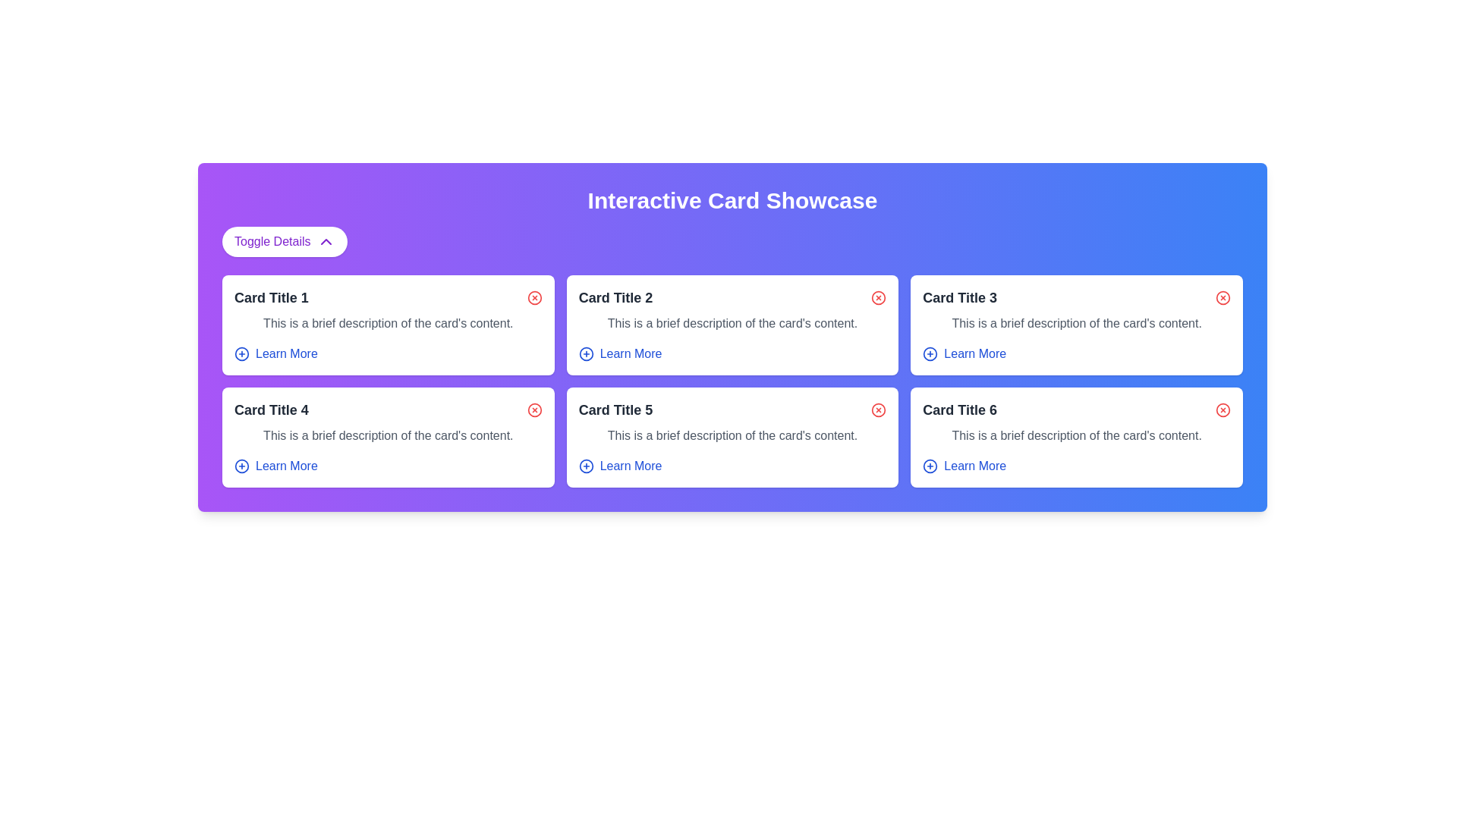  Describe the element at coordinates (241, 465) in the screenshot. I see `the circular icon located at the bottom-left corner of the 'Card Title 4' card, which is positioned above the 'Learn More' text link` at that location.